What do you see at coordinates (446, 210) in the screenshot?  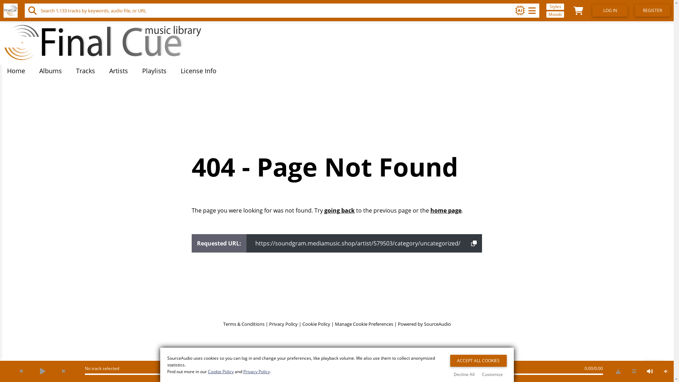 I see `'home page'` at bounding box center [446, 210].